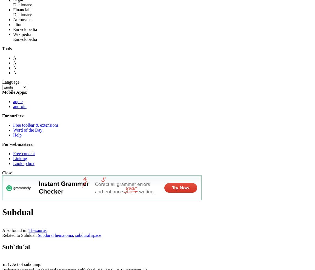 This screenshot has height=270, width=315. I want to click on 'Related to Subdual:', so click(20, 235).